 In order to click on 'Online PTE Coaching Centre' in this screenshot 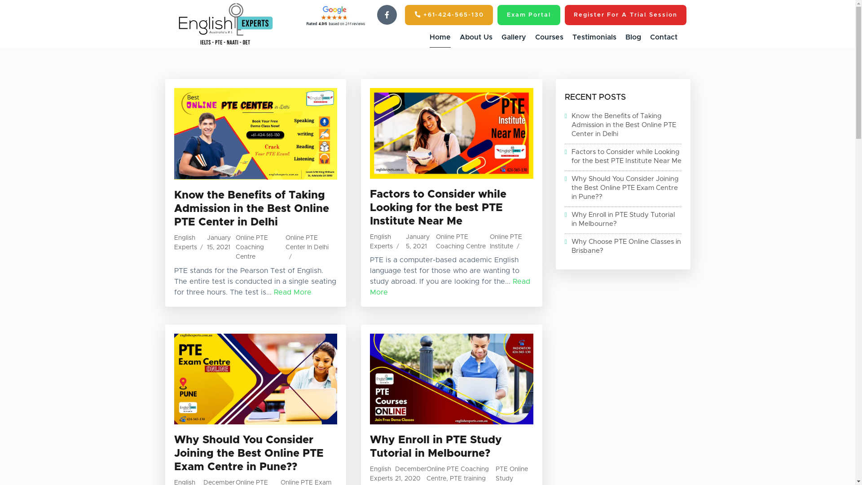, I will do `click(457, 473)`.